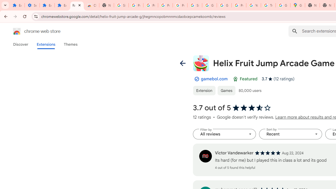  Describe the element at coordinates (92, 5) in the screenshot. I see `'Chrome Web Store - Themes'` at that location.